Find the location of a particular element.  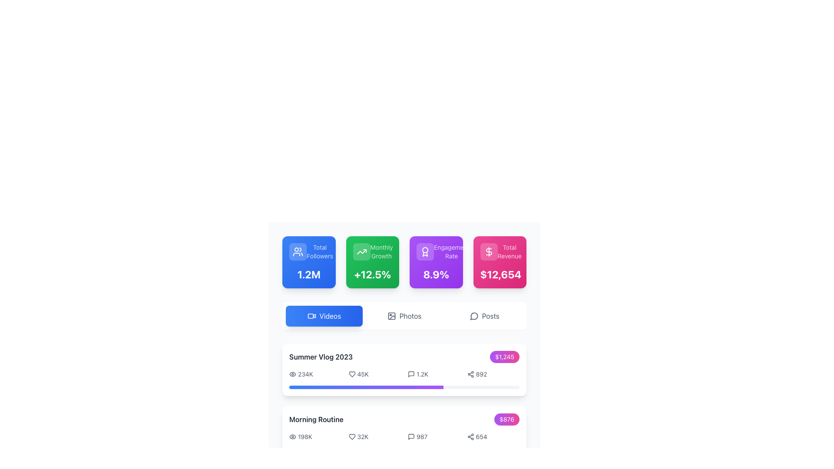

the 'Posts' text label, which is styled in muted gray and positioned alongside a speech bubble icon is located at coordinates (490, 316).